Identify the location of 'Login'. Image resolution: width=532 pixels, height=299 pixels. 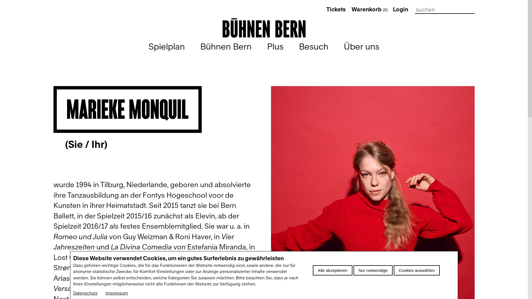
(392, 9).